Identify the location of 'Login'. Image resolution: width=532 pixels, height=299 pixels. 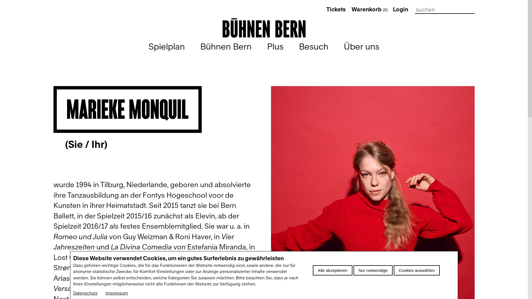
(392, 9).